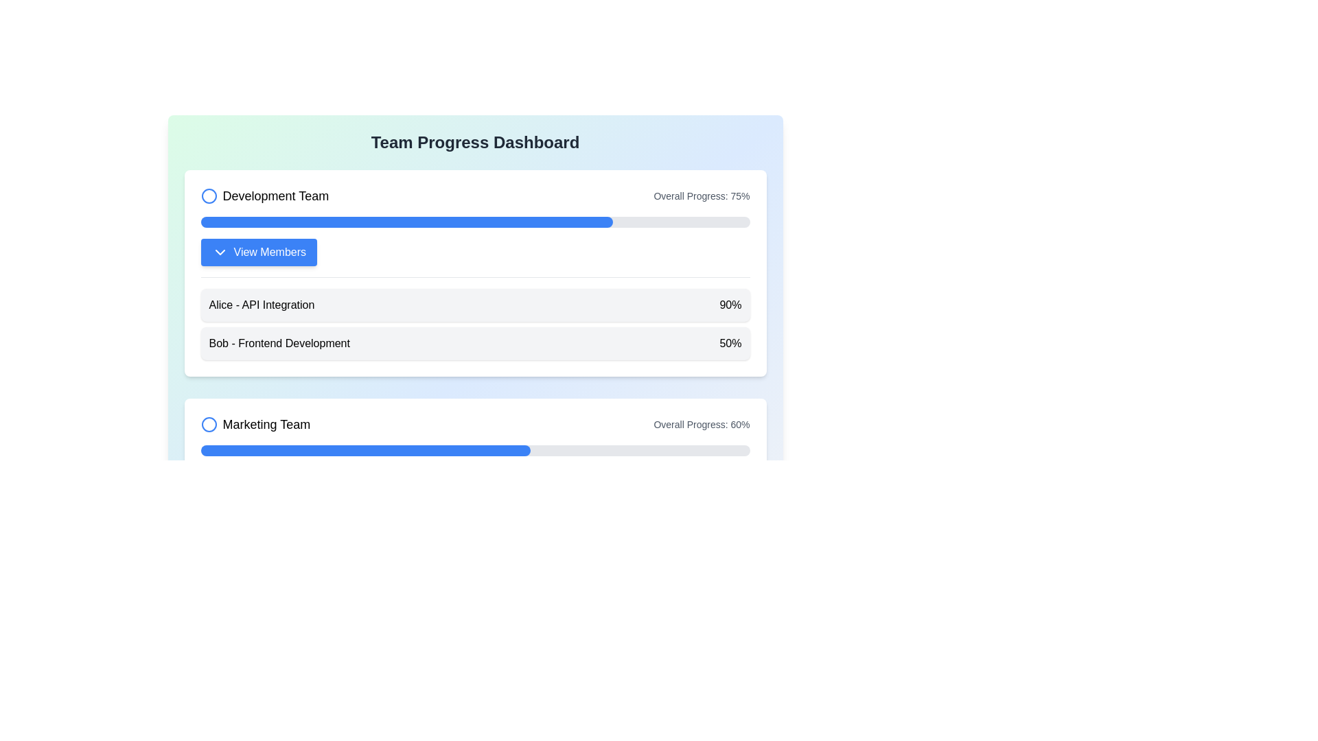 Image resolution: width=1318 pixels, height=741 pixels. I want to click on the 'Marketing Team' informational block displaying 'Overall Progress: 60%' in the 'Team Progress Dashboard', so click(475, 423).